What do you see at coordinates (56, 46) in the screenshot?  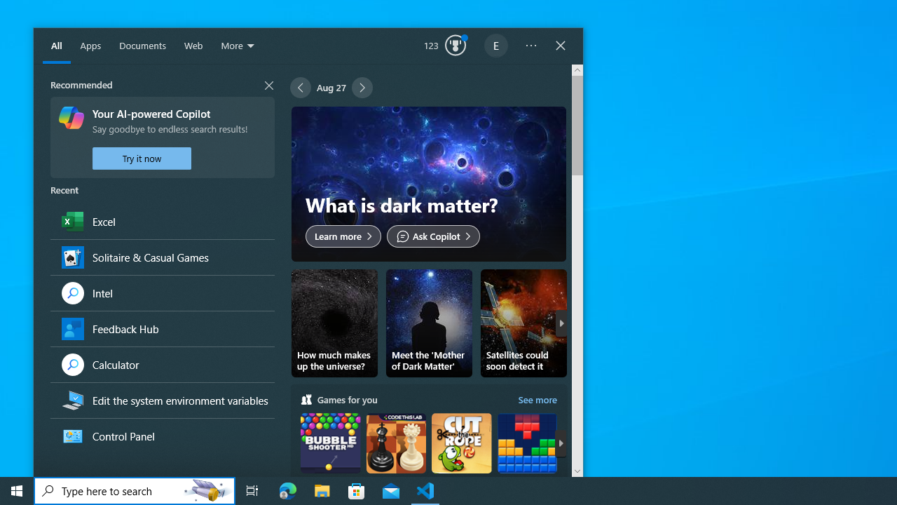 I see `'All'` at bounding box center [56, 46].